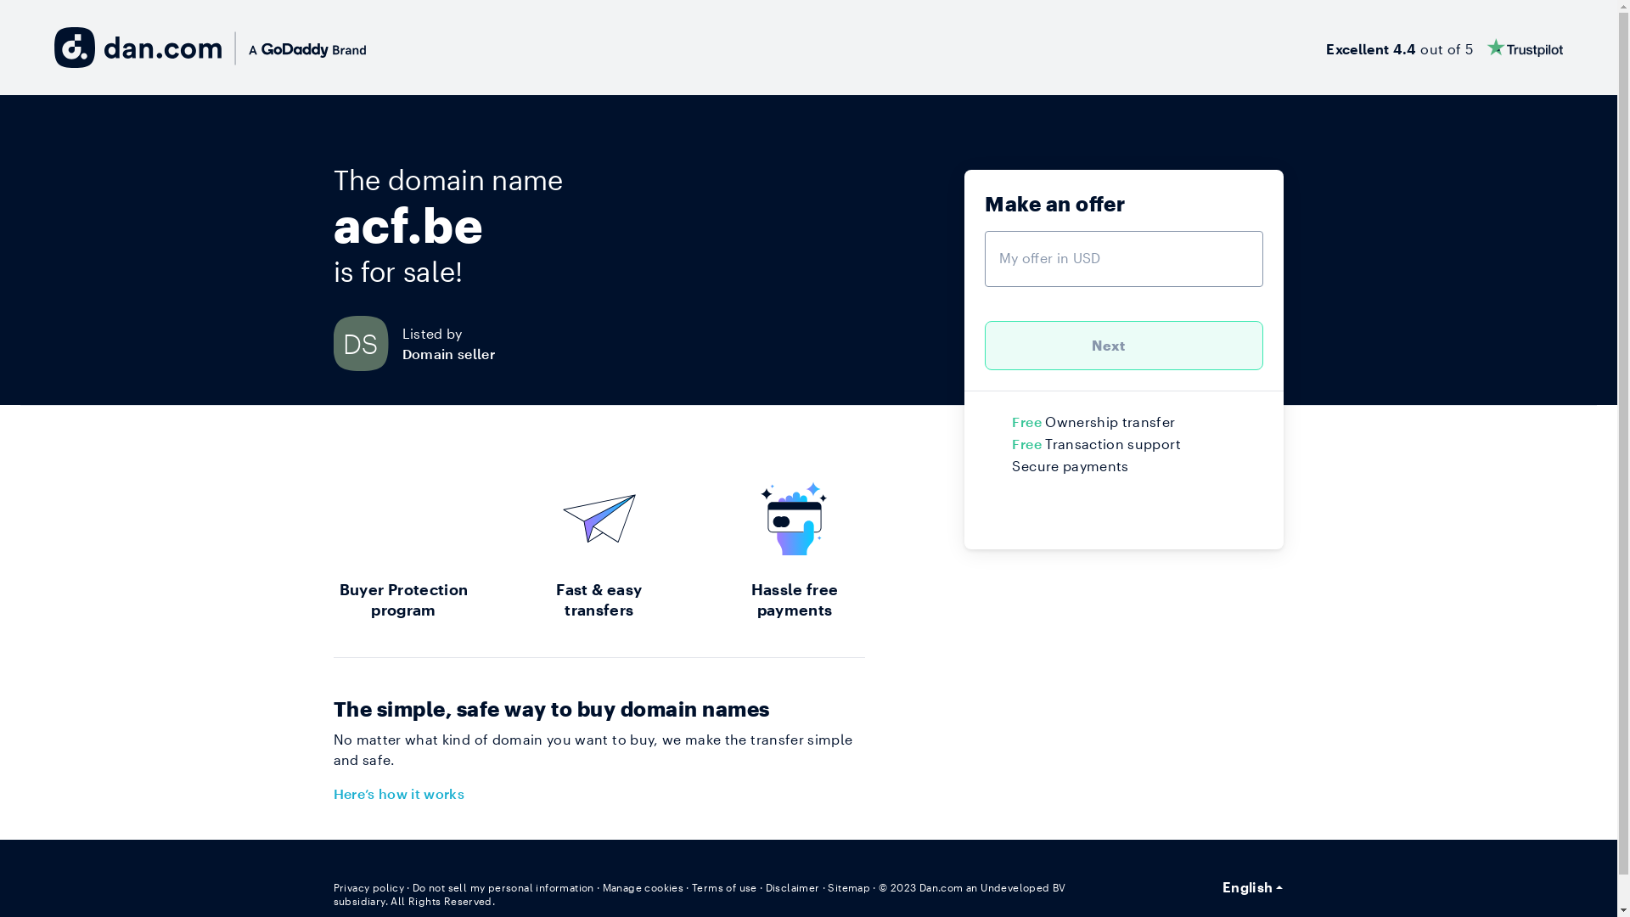  Describe the element at coordinates (827, 886) in the screenshot. I see `'Sitemap'` at that location.